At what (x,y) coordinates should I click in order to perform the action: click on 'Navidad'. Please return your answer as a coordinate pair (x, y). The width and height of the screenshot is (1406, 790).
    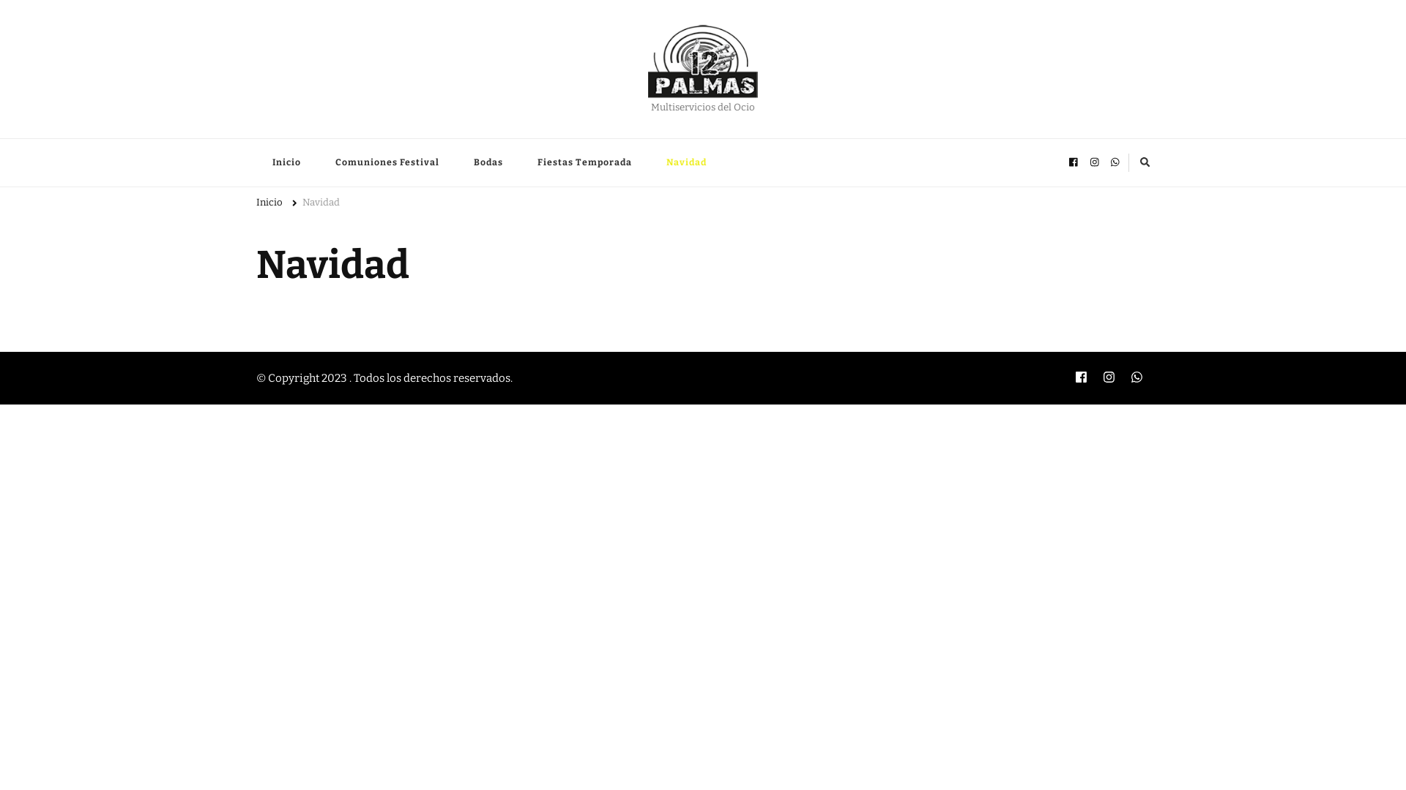
    Looking at the image, I should click on (301, 205).